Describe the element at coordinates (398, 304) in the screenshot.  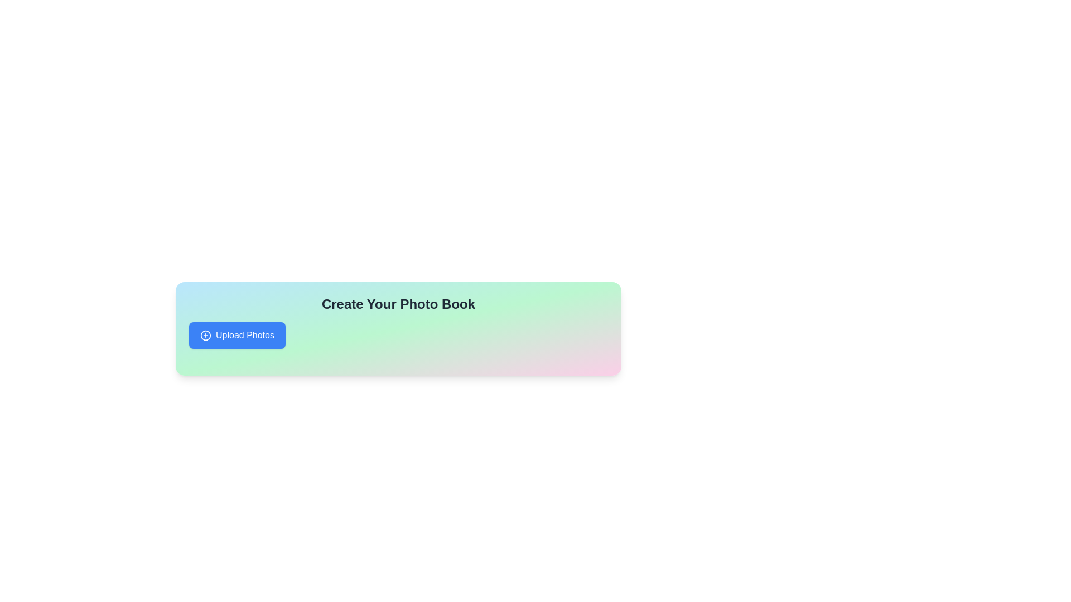
I see `the text label or heading indicating the main purpose of creating a photo book, which is located above the blue 'Upload Photos' button` at that location.